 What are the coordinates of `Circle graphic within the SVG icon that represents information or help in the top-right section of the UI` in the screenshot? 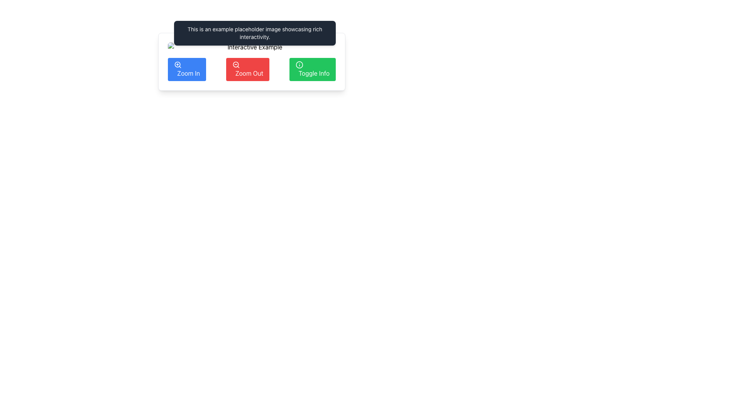 It's located at (299, 64).